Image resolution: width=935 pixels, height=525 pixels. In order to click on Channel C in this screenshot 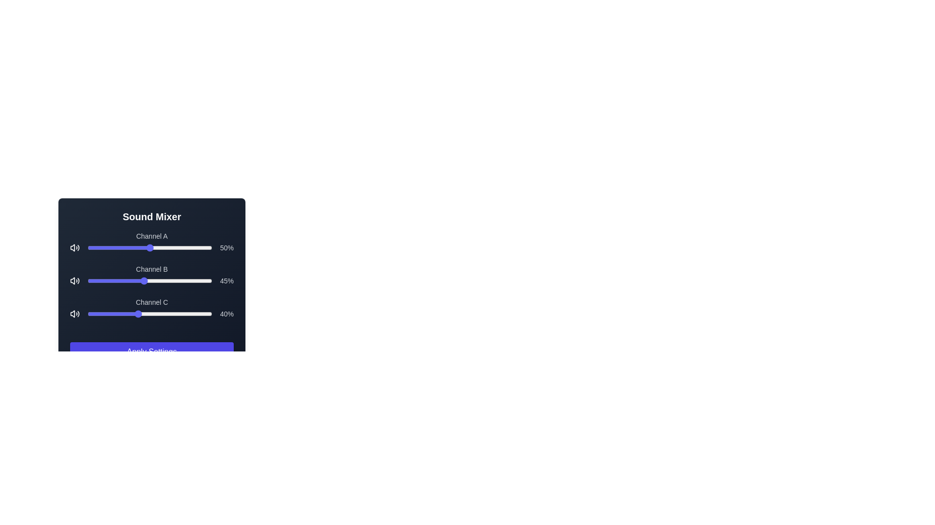, I will do `click(95, 314)`.